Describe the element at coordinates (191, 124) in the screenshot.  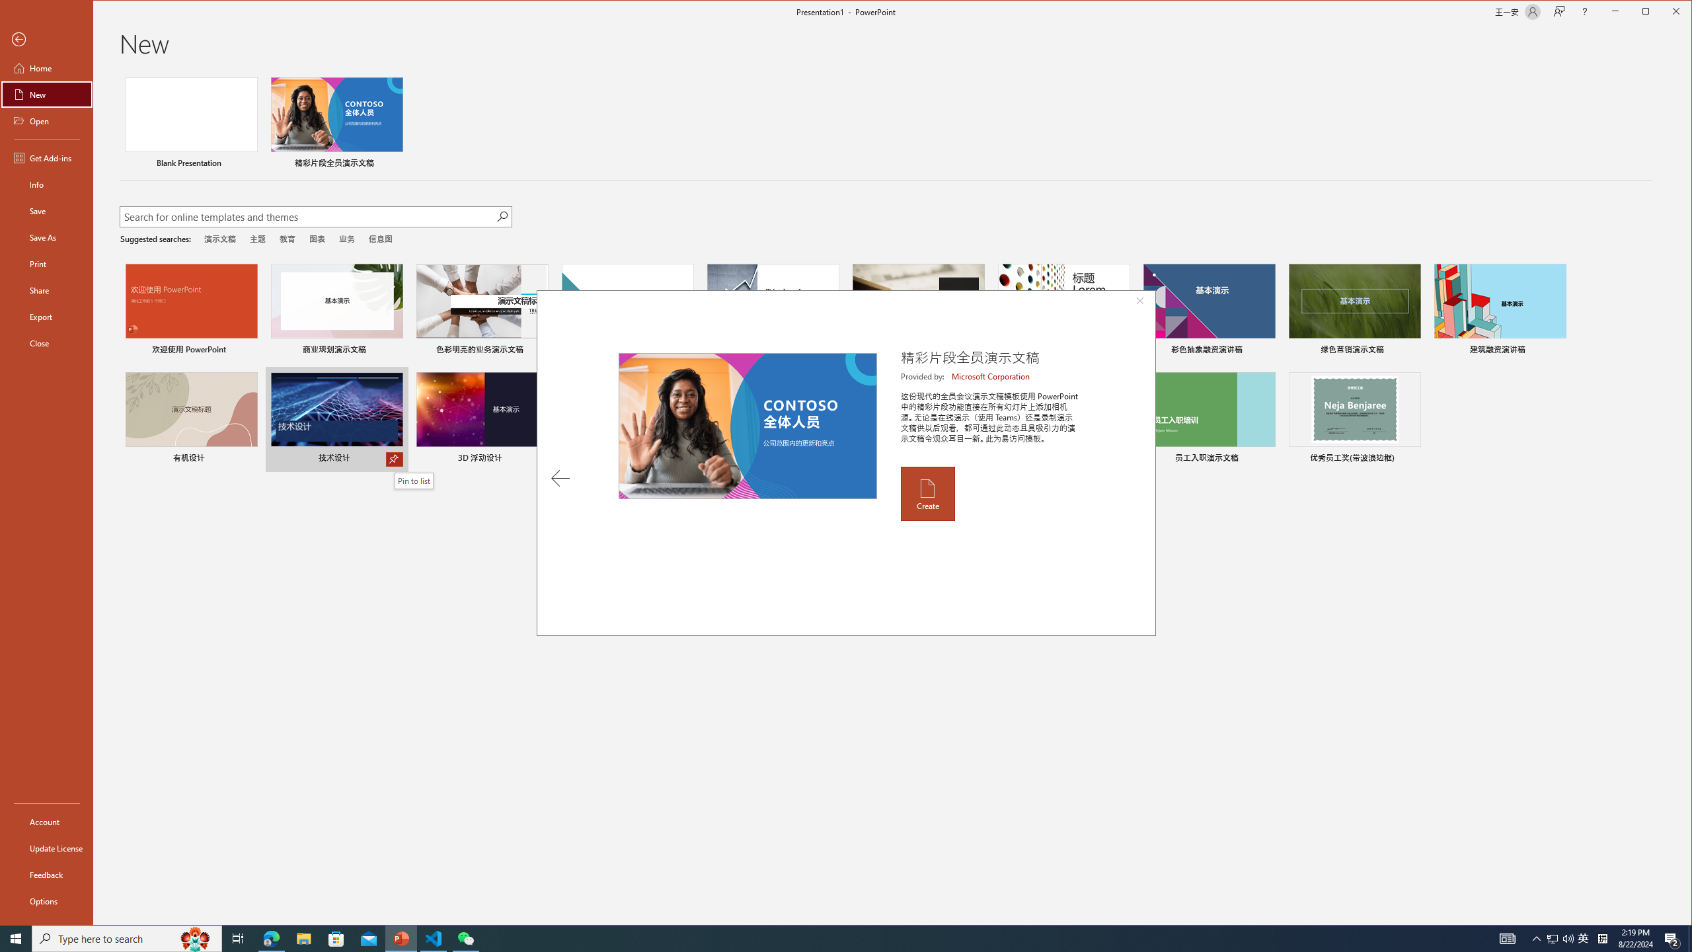
I see `'Blank Presentation'` at that location.